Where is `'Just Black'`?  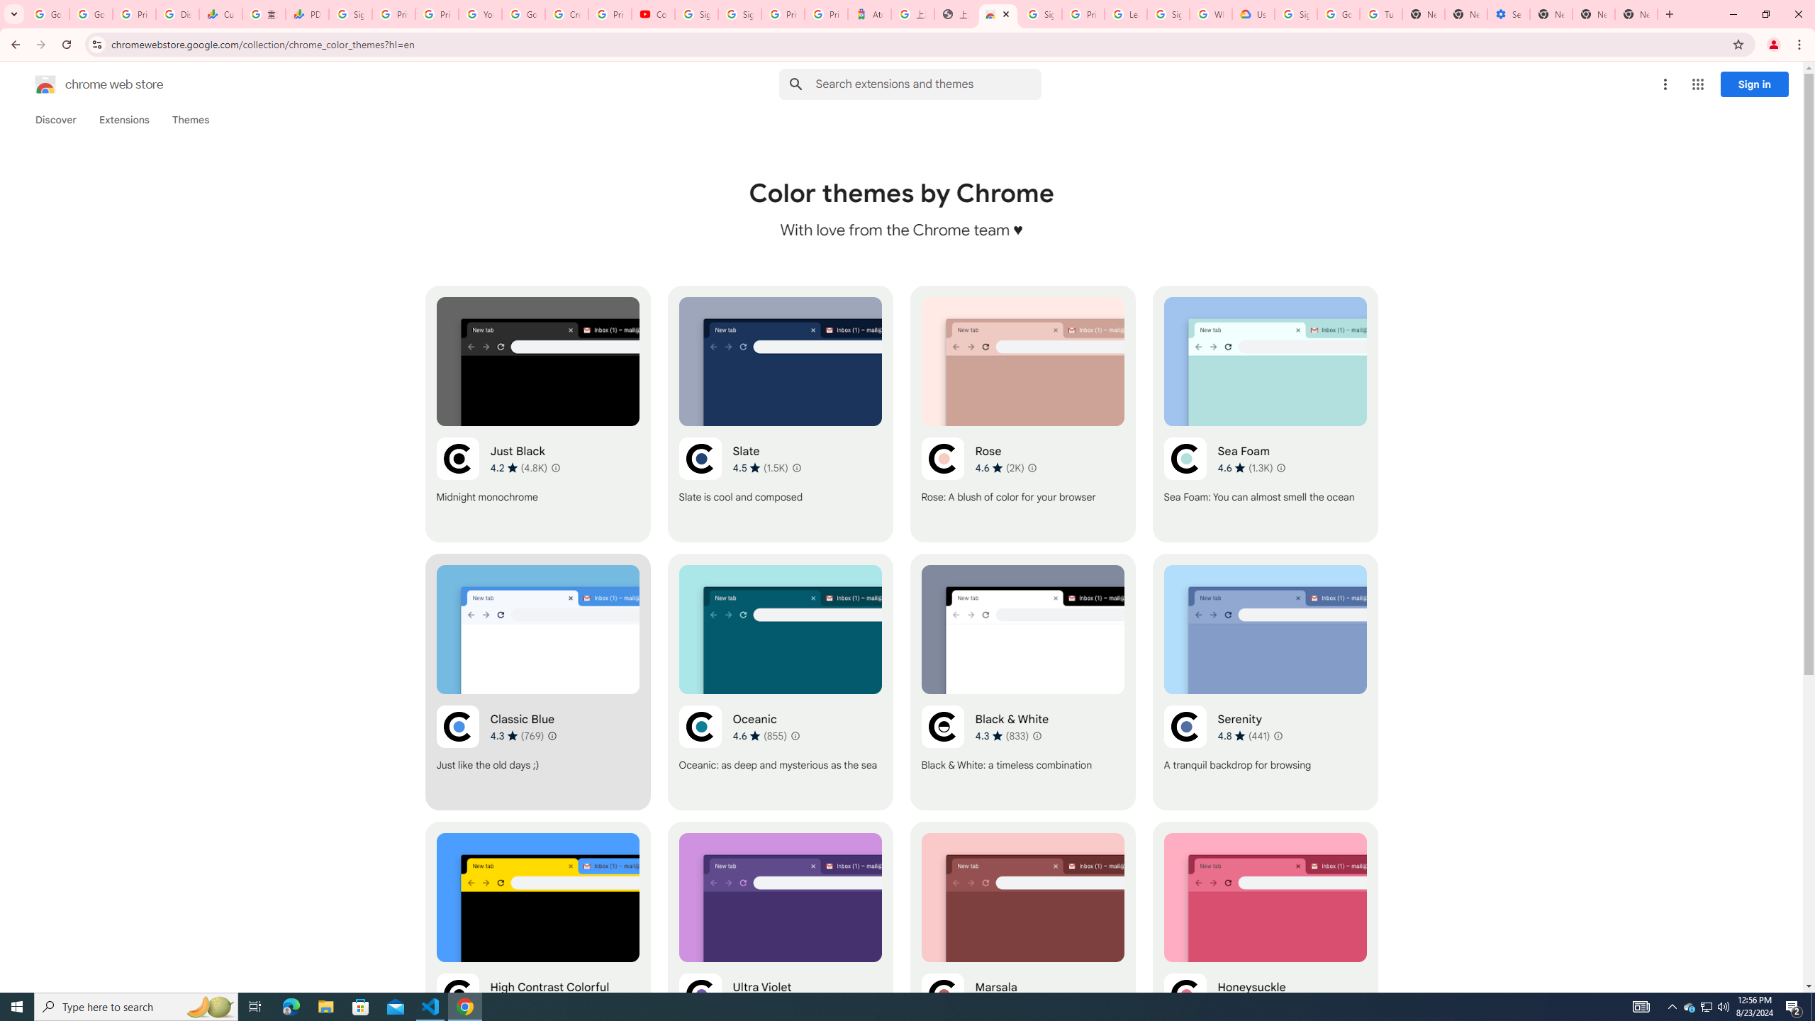 'Just Black' is located at coordinates (537, 413).